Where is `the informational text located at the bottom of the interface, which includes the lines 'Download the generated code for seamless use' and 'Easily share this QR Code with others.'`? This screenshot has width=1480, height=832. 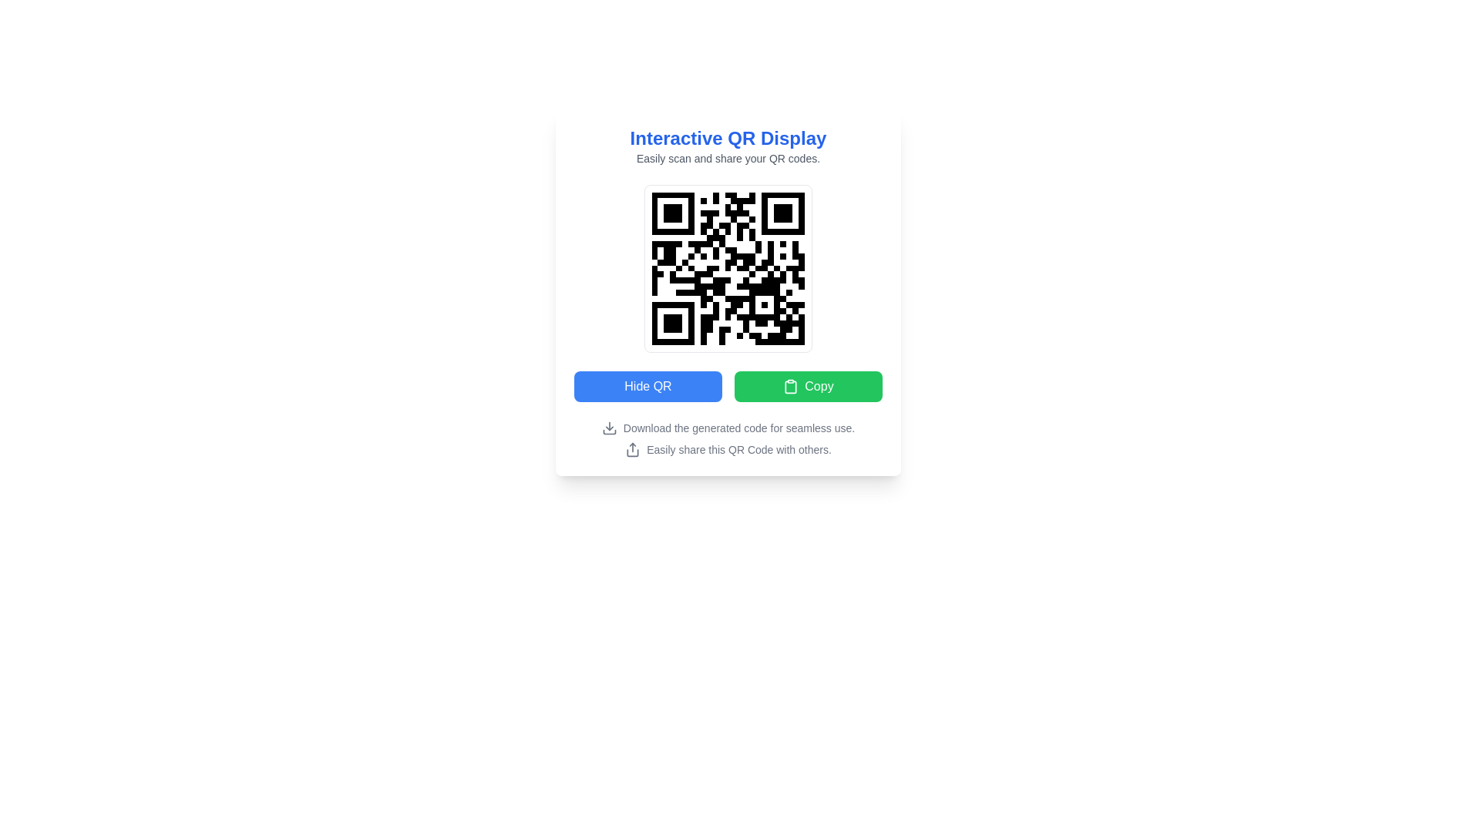
the informational text located at the bottom of the interface, which includes the lines 'Download the generated code for seamless use' and 'Easily share this QR Code with others.' is located at coordinates (728, 439).